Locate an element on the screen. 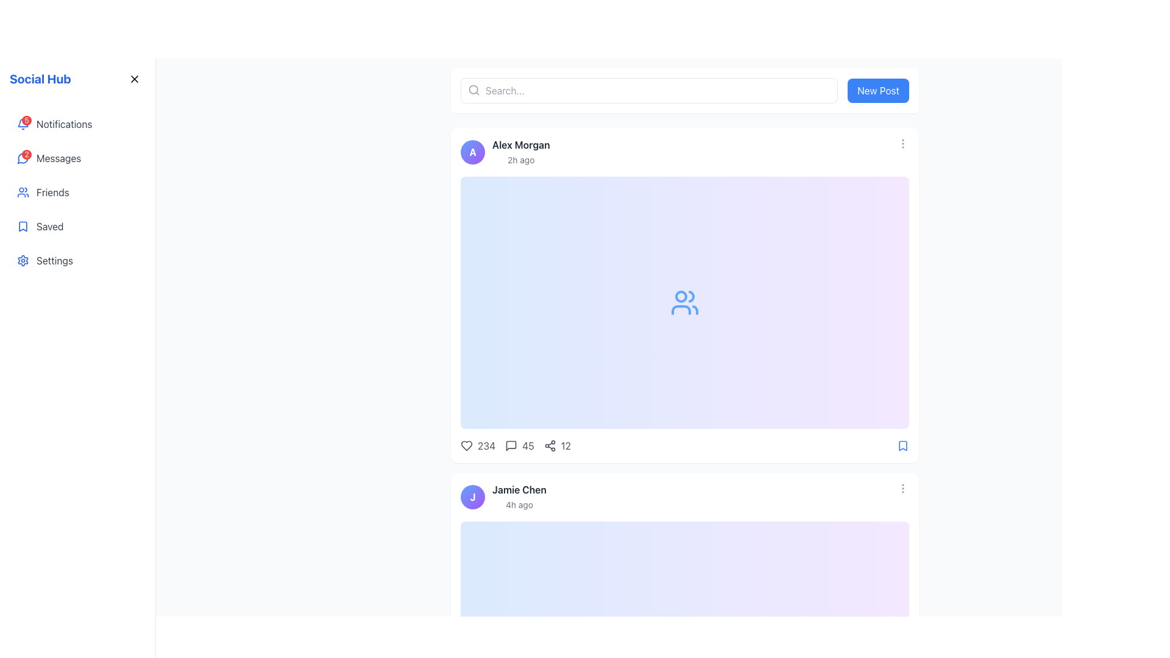 This screenshot has height=658, width=1170. the red circular badge on the blue notification bell icon in the left sidebar is located at coordinates (23, 124).